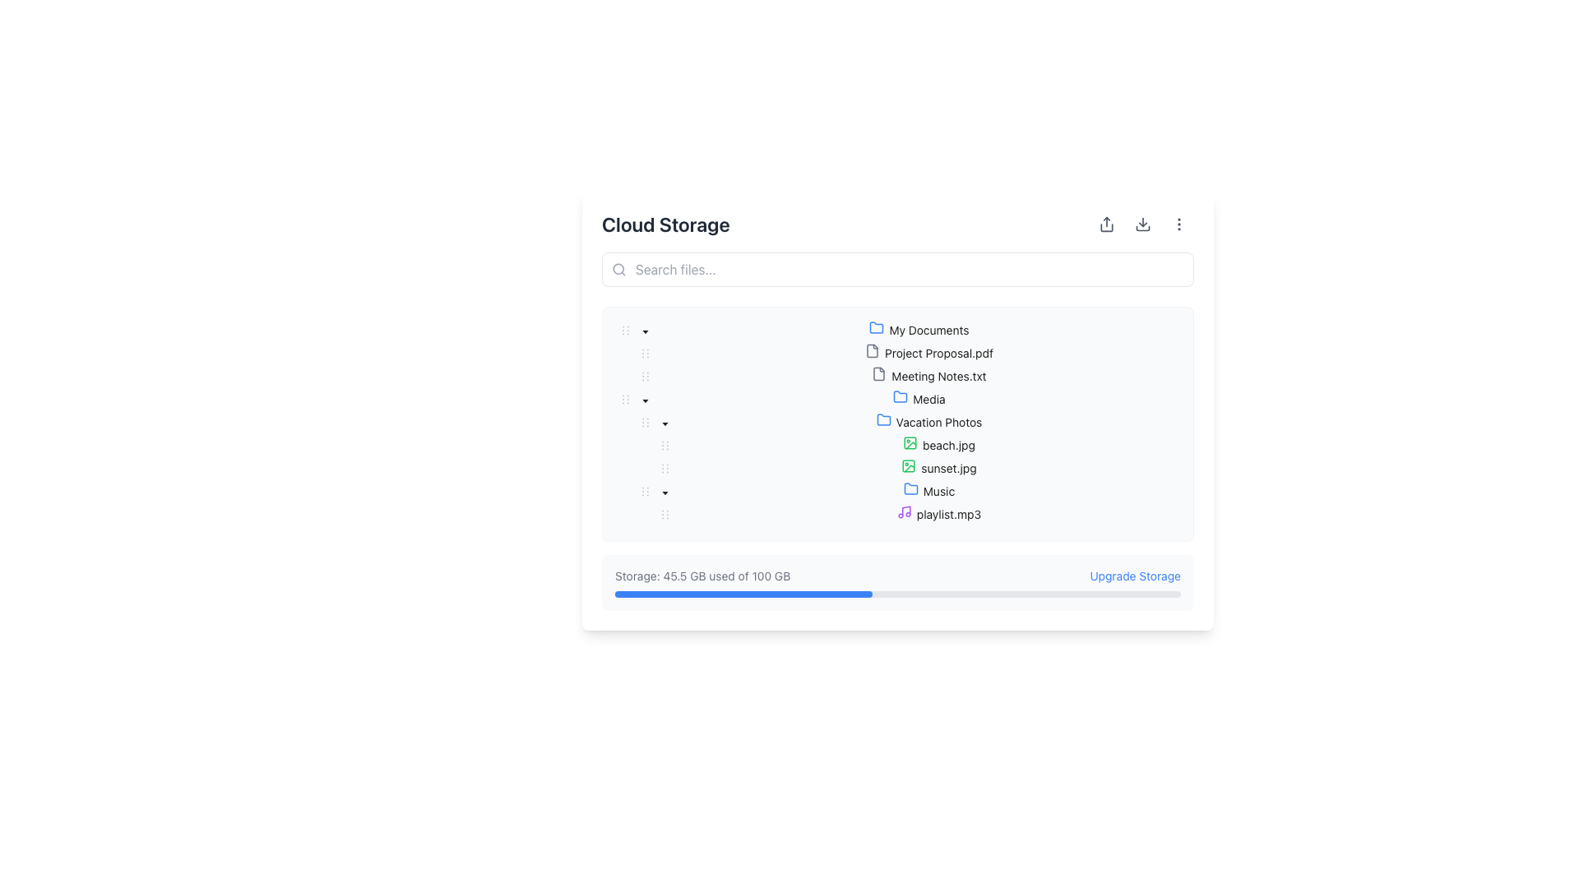 Image resolution: width=1579 pixels, height=888 pixels. I want to click on the search input field located below the 'Cloud Storage' title to activate focus effects, so click(896, 268).